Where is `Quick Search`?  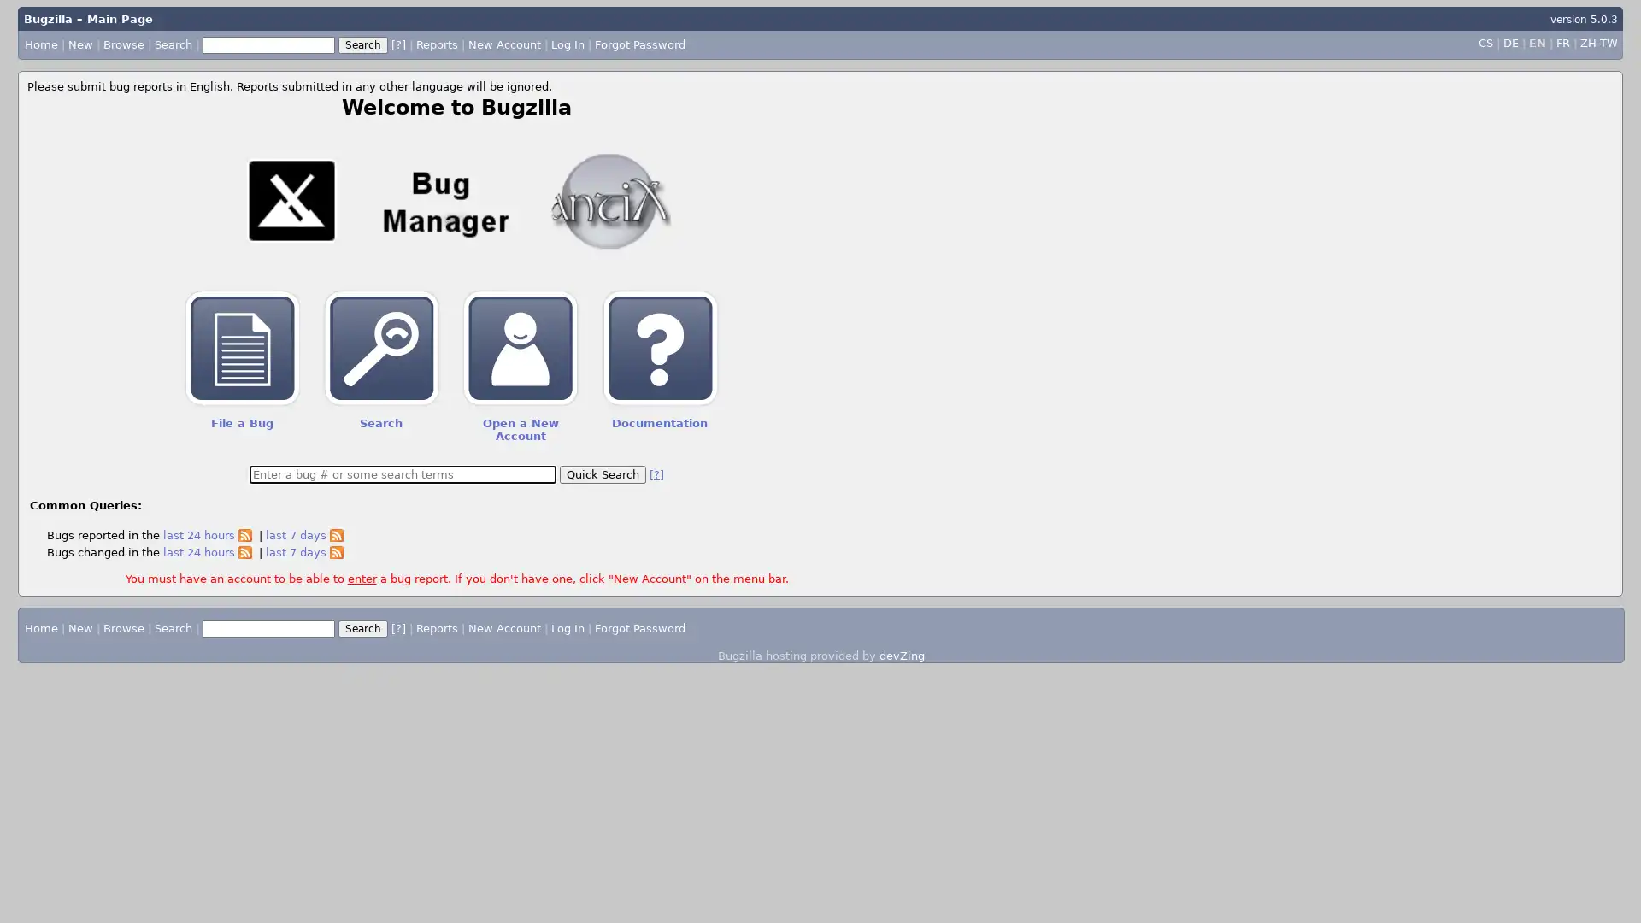
Quick Search is located at coordinates (603, 474).